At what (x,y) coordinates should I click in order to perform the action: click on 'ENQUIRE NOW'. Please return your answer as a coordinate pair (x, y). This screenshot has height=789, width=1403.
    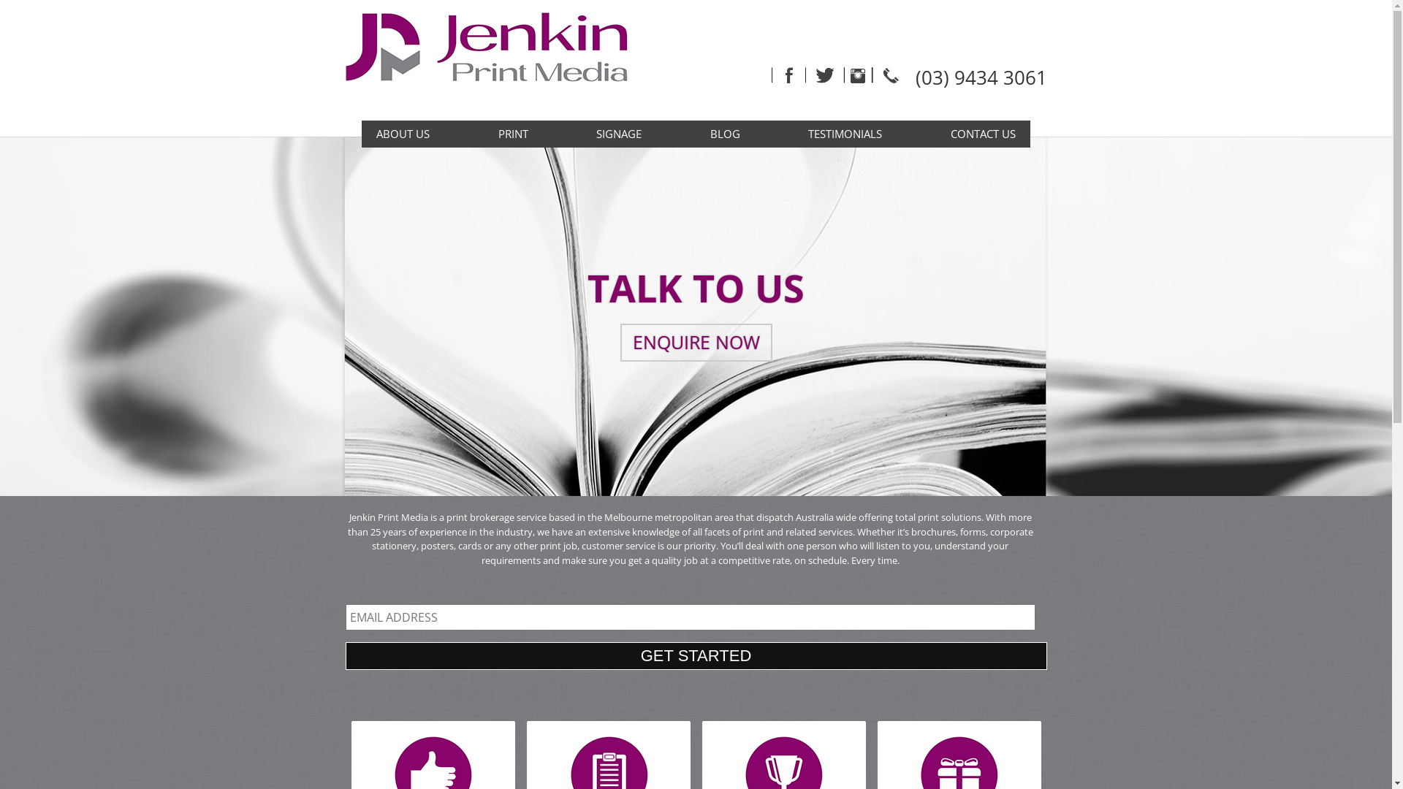
    Looking at the image, I should click on (694, 343).